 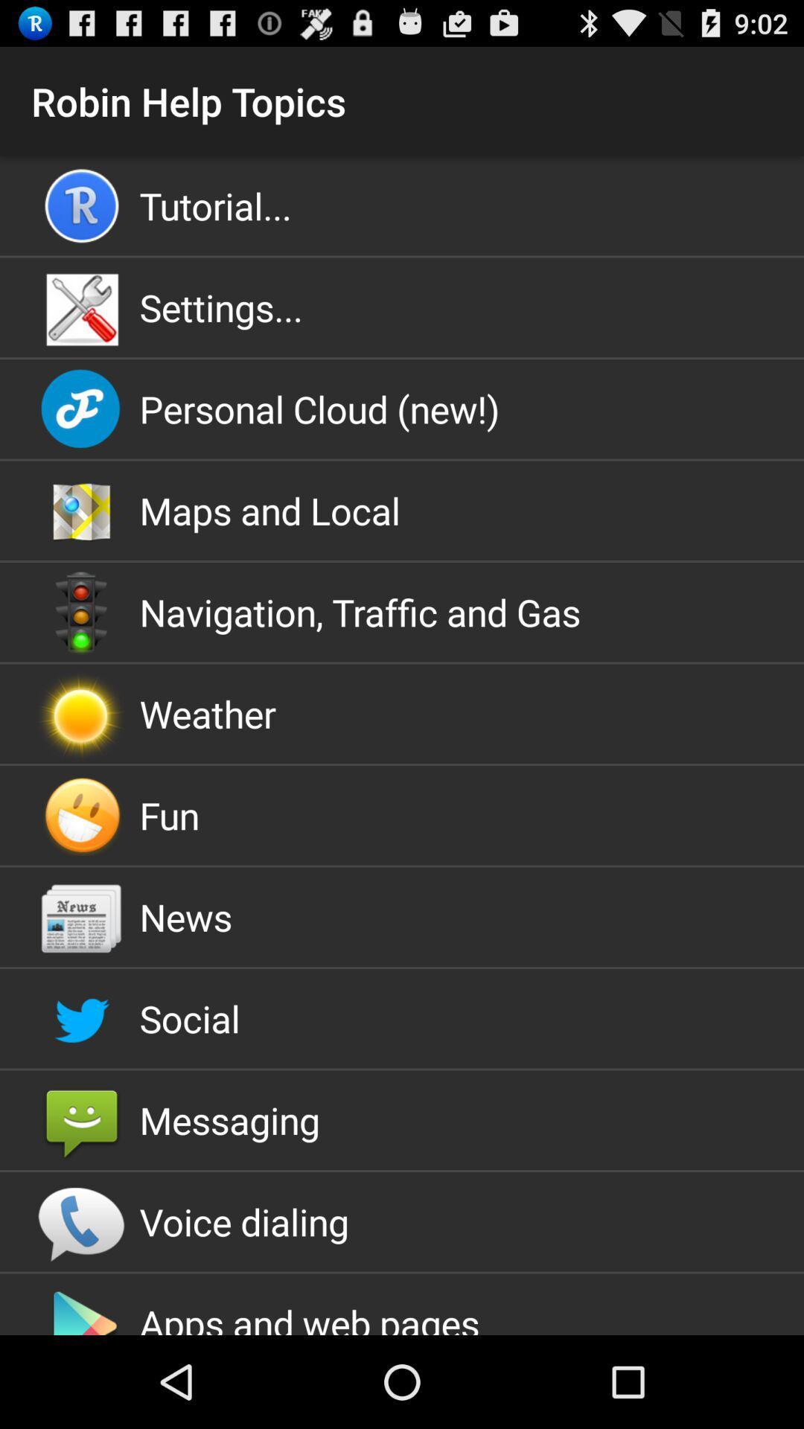 I want to click on the item below  personal cloud (new!) app, so click(x=402, y=511).